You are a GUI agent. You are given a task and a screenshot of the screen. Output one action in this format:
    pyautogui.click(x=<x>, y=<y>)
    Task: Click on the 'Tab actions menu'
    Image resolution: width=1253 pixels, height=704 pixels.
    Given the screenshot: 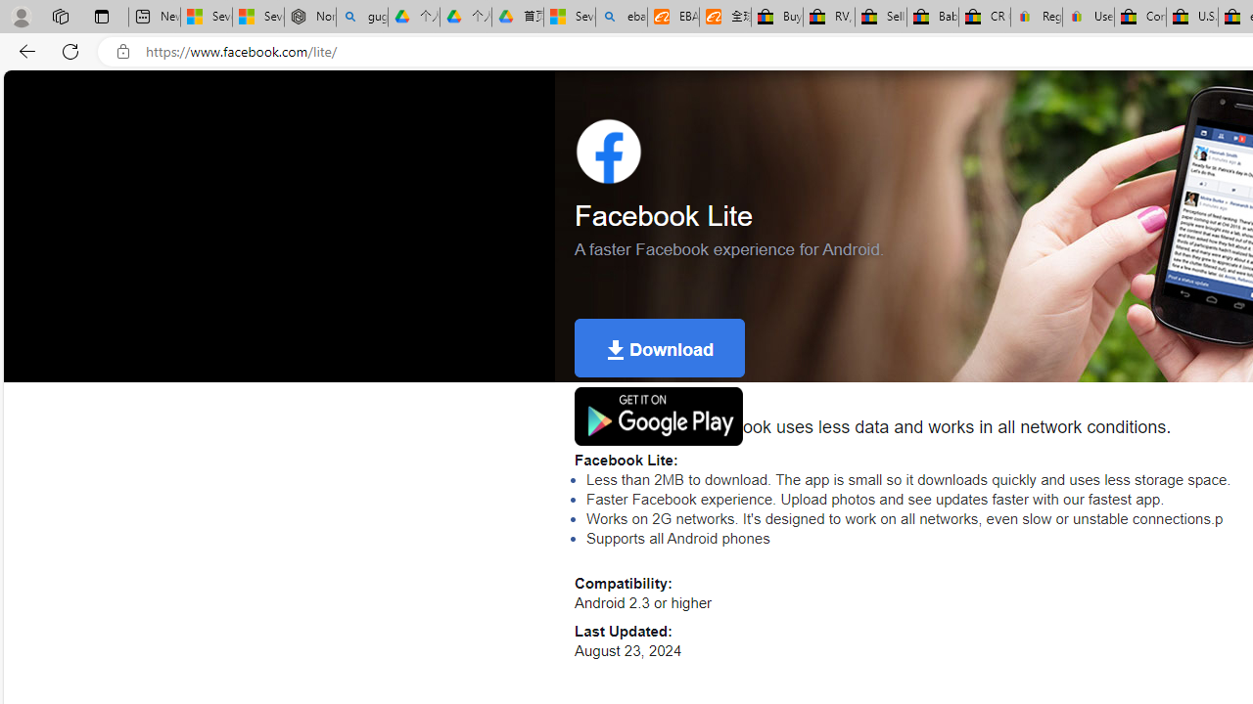 What is the action you would take?
    pyautogui.click(x=101, y=16)
    